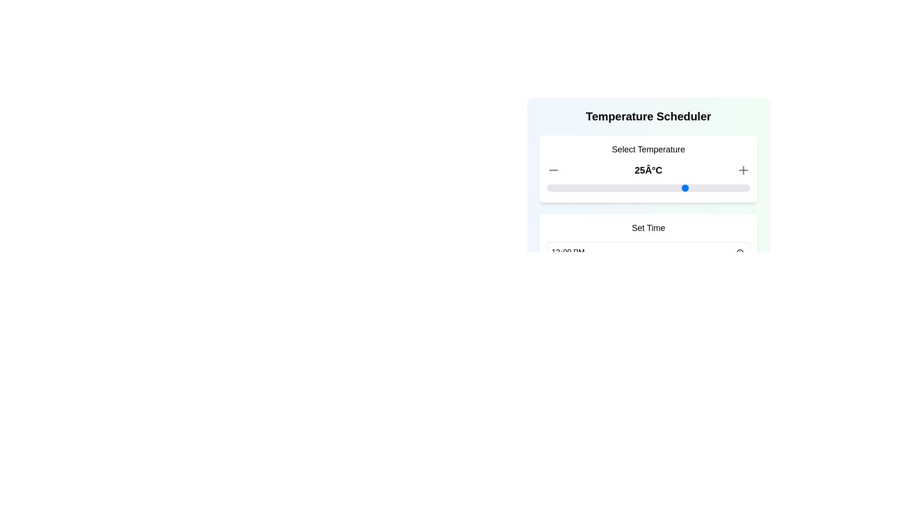 This screenshot has width=903, height=508. Describe the element at coordinates (665, 188) in the screenshot. I see `the temperature slider` at that location.